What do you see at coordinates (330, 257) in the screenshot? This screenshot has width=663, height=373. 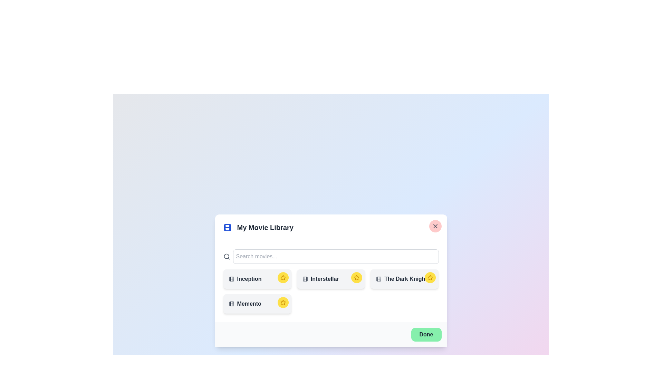 I see `the search bar located below 'My Movie Library' to provide visual feedback` at bounding box center [330, 257].